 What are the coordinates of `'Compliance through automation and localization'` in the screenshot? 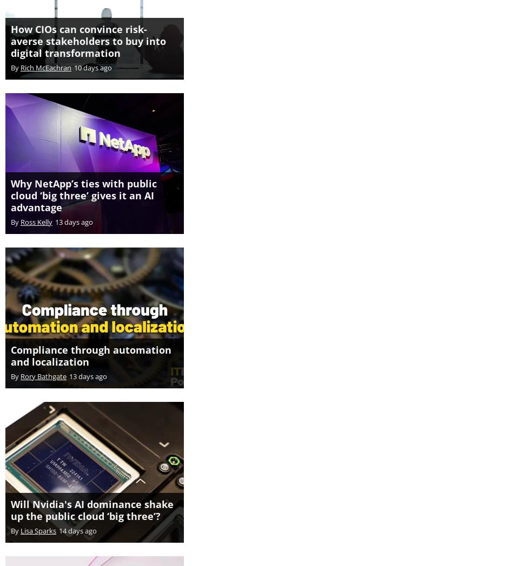 It's located at (91, 343).